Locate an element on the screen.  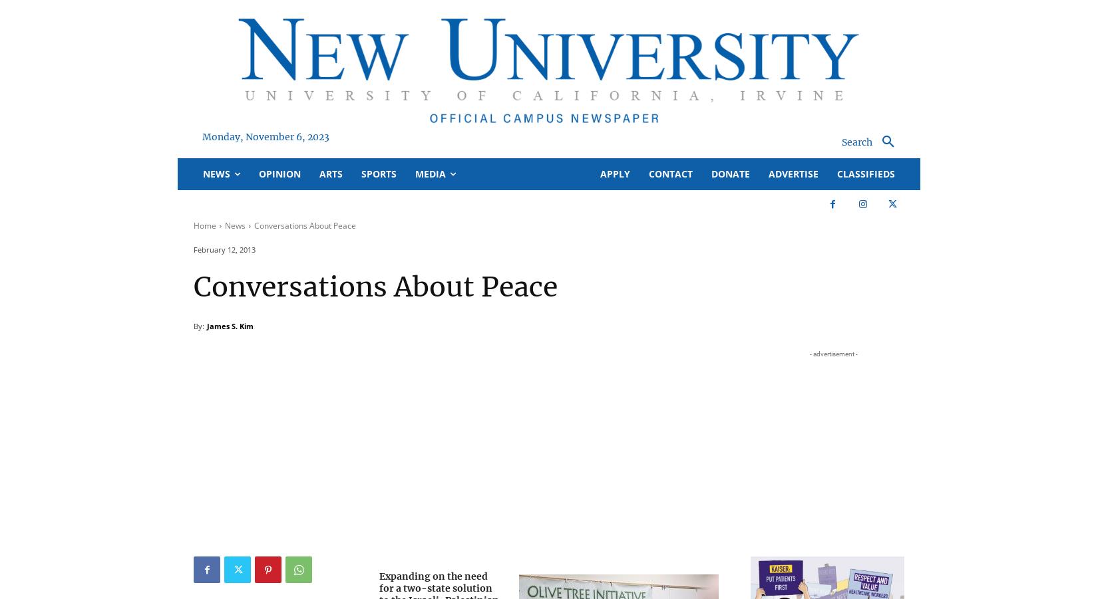
'Search' is located at coordinates (548, 66).